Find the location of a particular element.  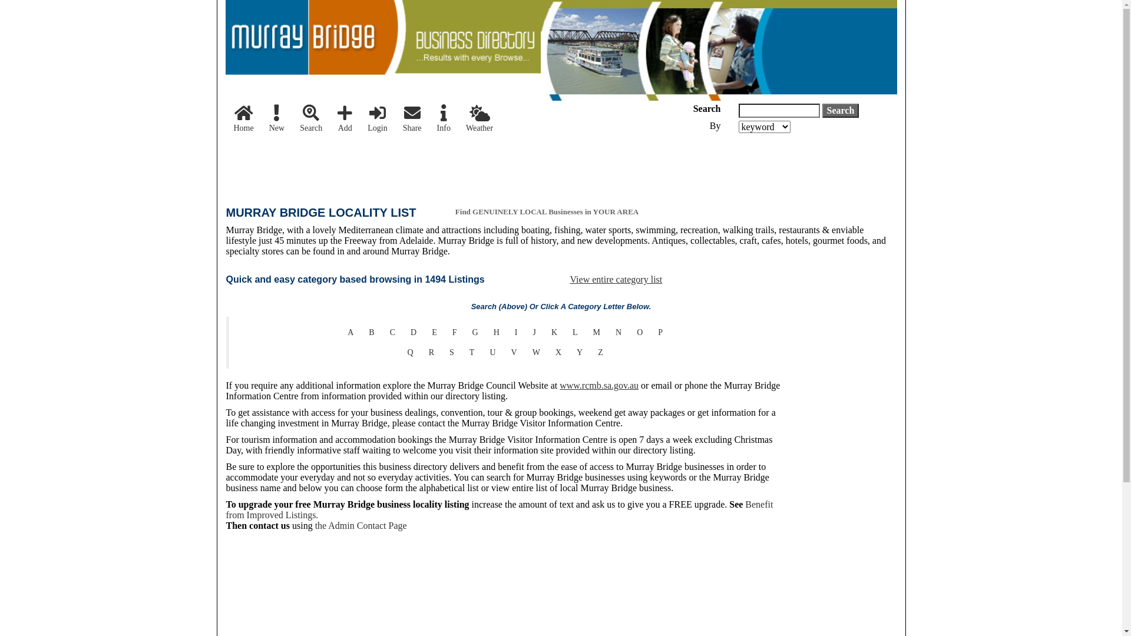

'M' is located at coordinates (596, 332).